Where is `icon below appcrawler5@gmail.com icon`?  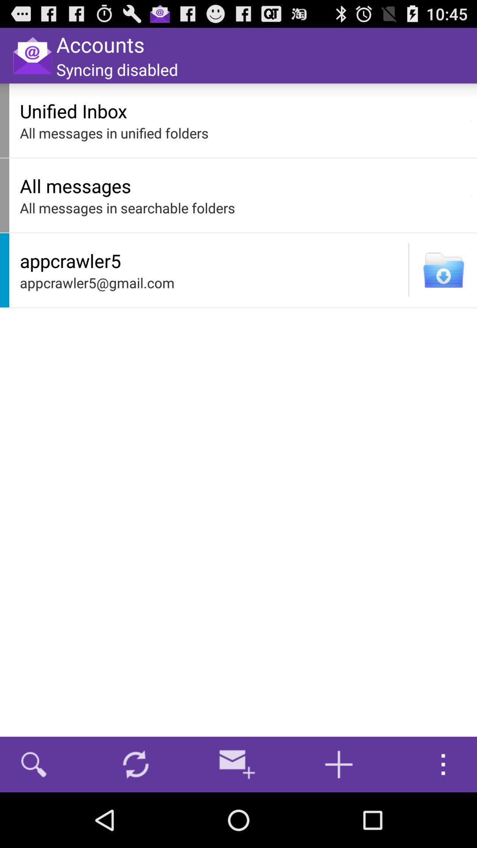
icon below appcrawler5@gmail.com icon is located at coordinates (136, 764).